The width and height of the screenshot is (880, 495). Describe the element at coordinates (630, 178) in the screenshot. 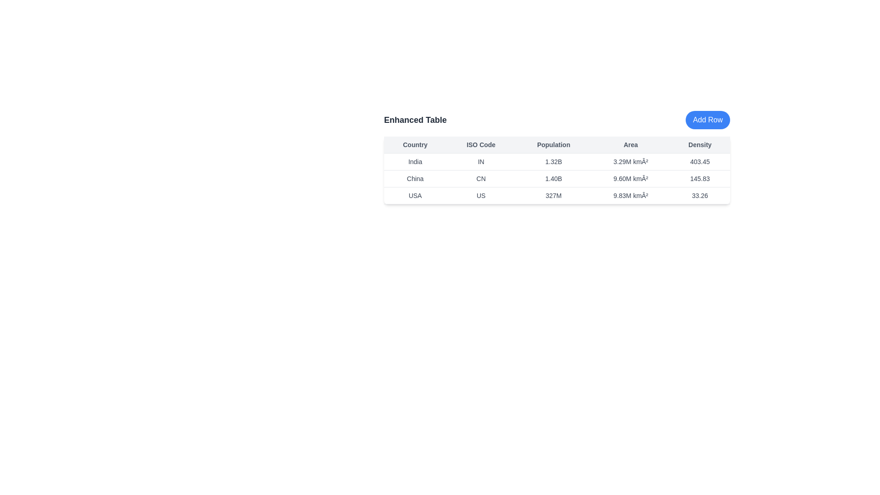

I see `the text label displaying the area of China, which shows '9.60M km²' in a bold, dark gray font located in the fourth column of the second row of the table` at that location.